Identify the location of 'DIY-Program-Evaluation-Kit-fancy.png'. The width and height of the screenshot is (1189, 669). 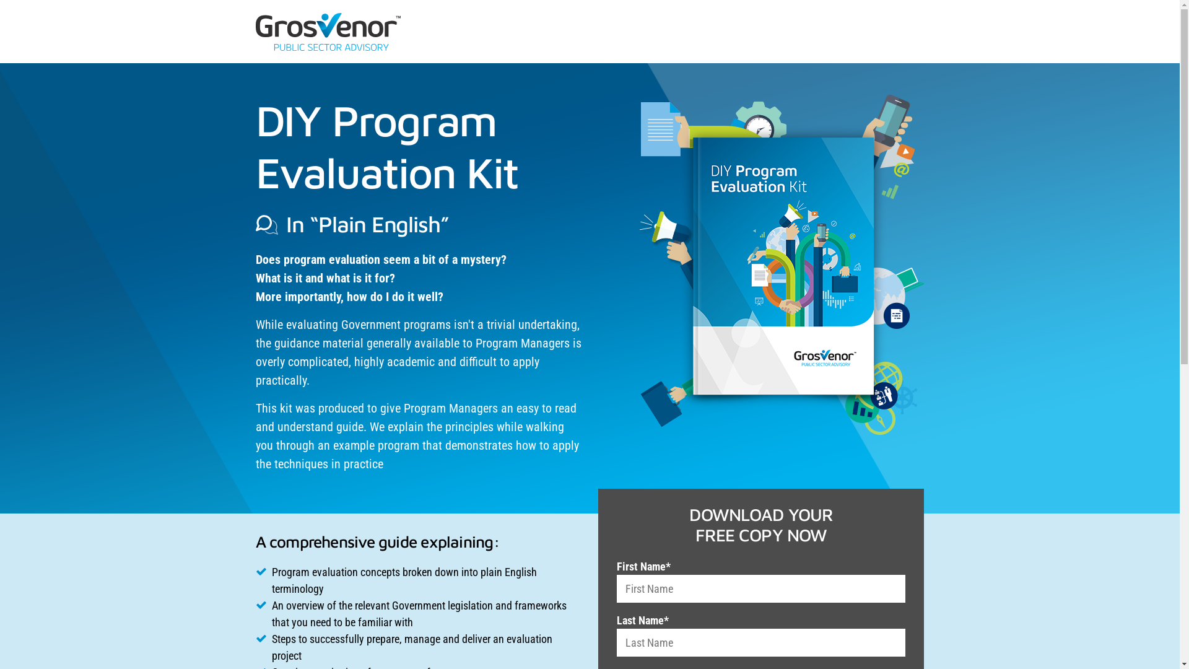
(781, 264).